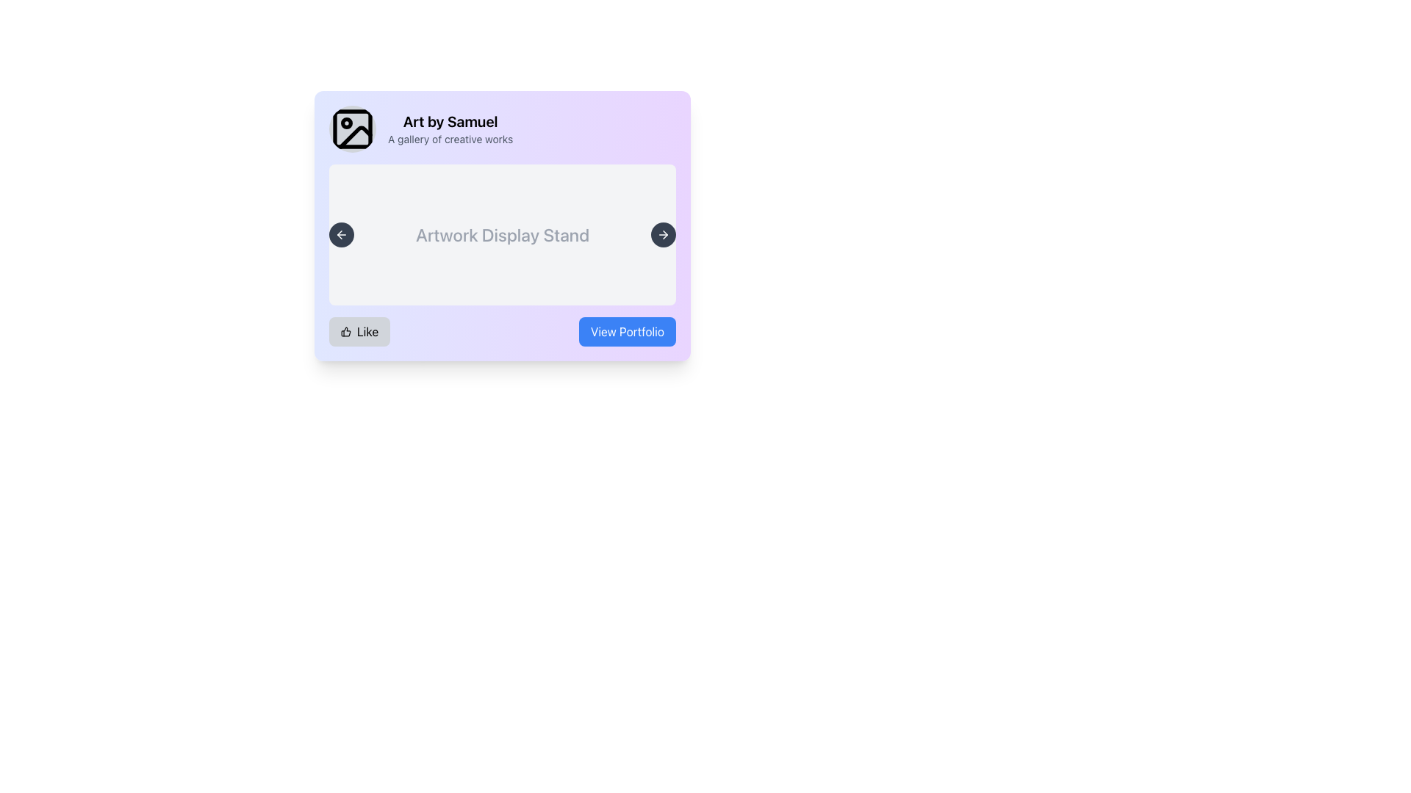 This screenshot has height=793, width=1411. I want to click on the navigation button located in the right-center part of the 'Artwork Display Stand' card to observe any hover effects, so click(662, 234).